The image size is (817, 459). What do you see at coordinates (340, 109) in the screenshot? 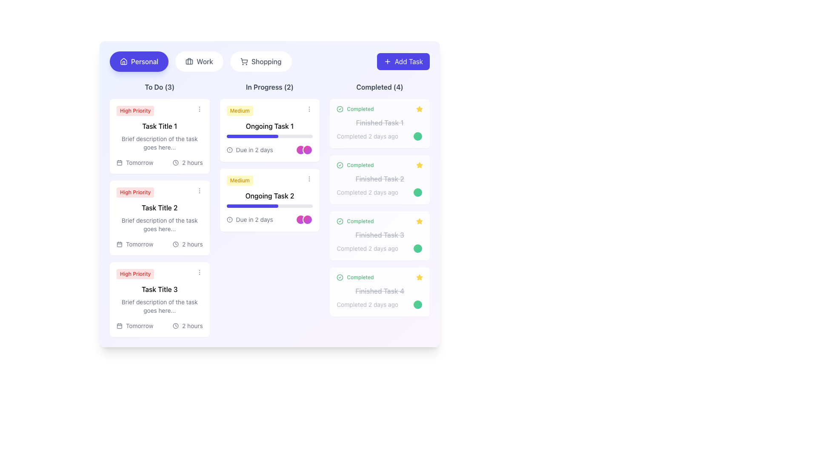
I see `the circular icon with a checkmark that signifies the completion of 'Finished Task 1' in the completed tasks list` at bounding box center [340, 109].